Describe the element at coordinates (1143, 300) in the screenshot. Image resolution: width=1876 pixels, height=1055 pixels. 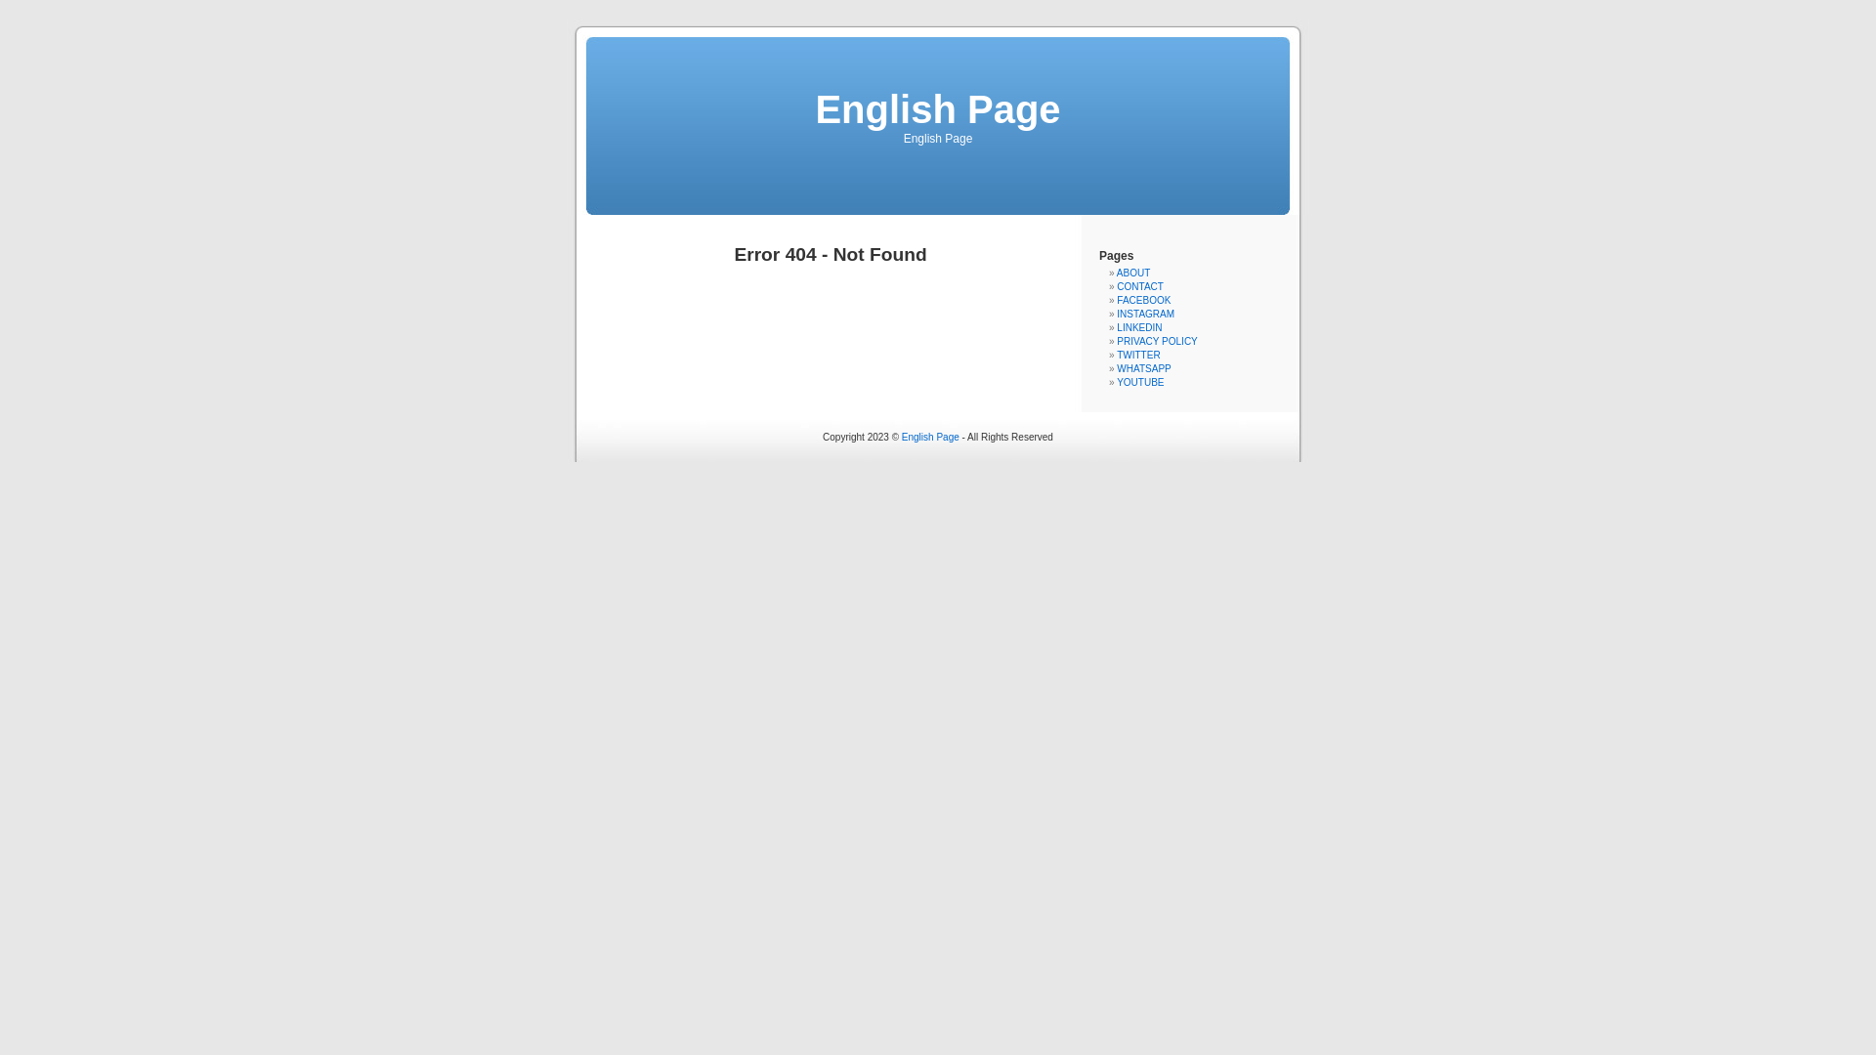
I see `'FACEBOOK'` at that location.